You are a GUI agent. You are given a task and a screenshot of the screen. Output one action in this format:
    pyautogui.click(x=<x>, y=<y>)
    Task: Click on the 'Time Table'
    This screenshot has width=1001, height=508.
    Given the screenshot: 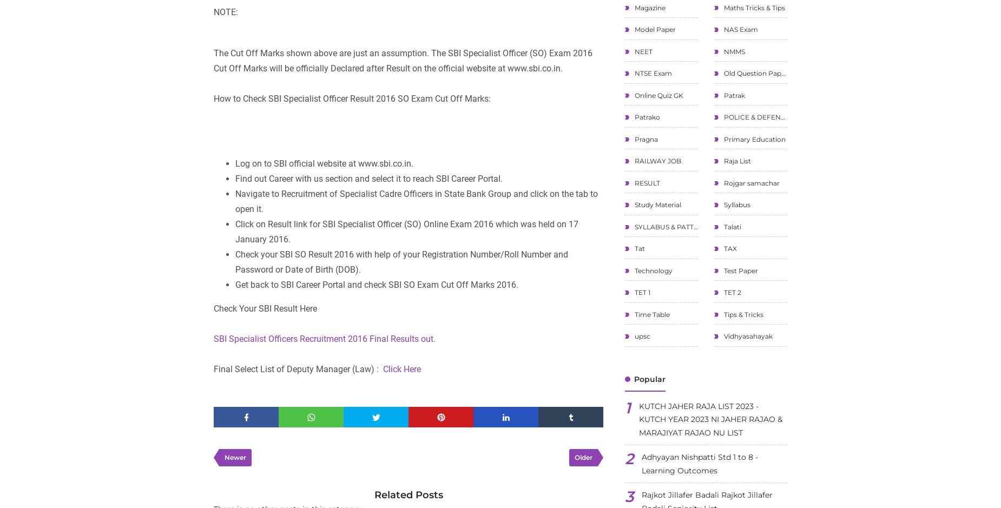 What is the action you would take?
    pyautogui.click(x=632, y=314)
    